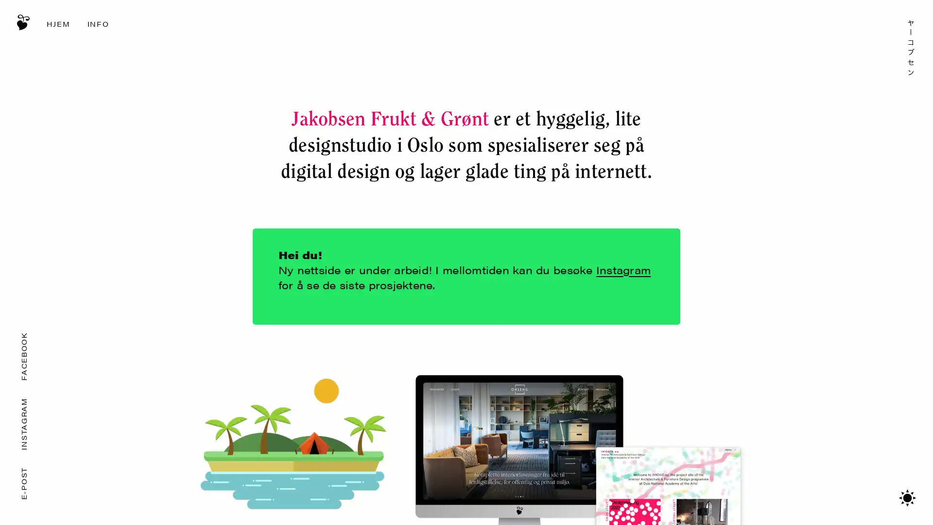  Describe the element at coordinates (906, 498) in the screenshot. I see `Bytt mellom mrkt/lyst tema` at that location.